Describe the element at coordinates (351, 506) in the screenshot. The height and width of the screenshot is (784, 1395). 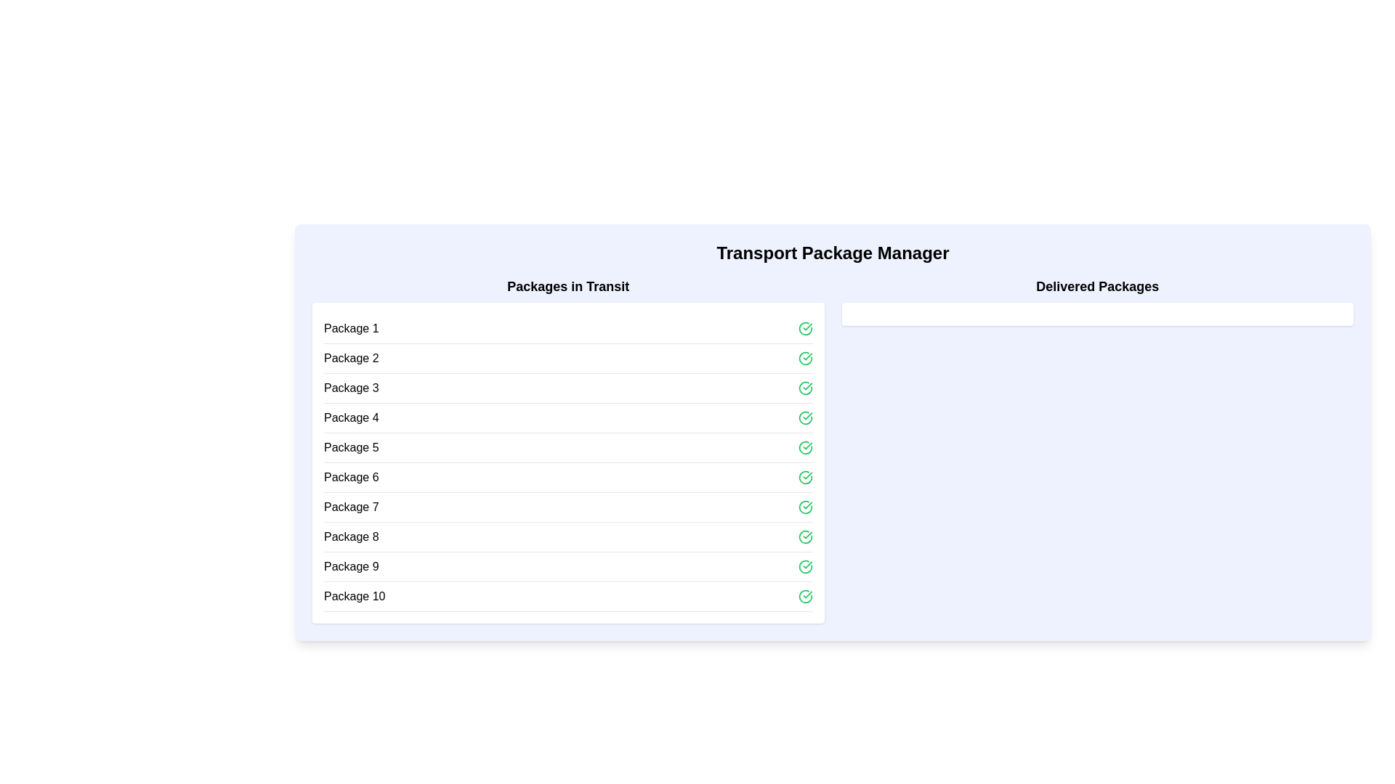
I see `the text label displaying 'Package 7', which is the seventh item in a vertical list of packages under the header 'Packages in Transit'` at that location.